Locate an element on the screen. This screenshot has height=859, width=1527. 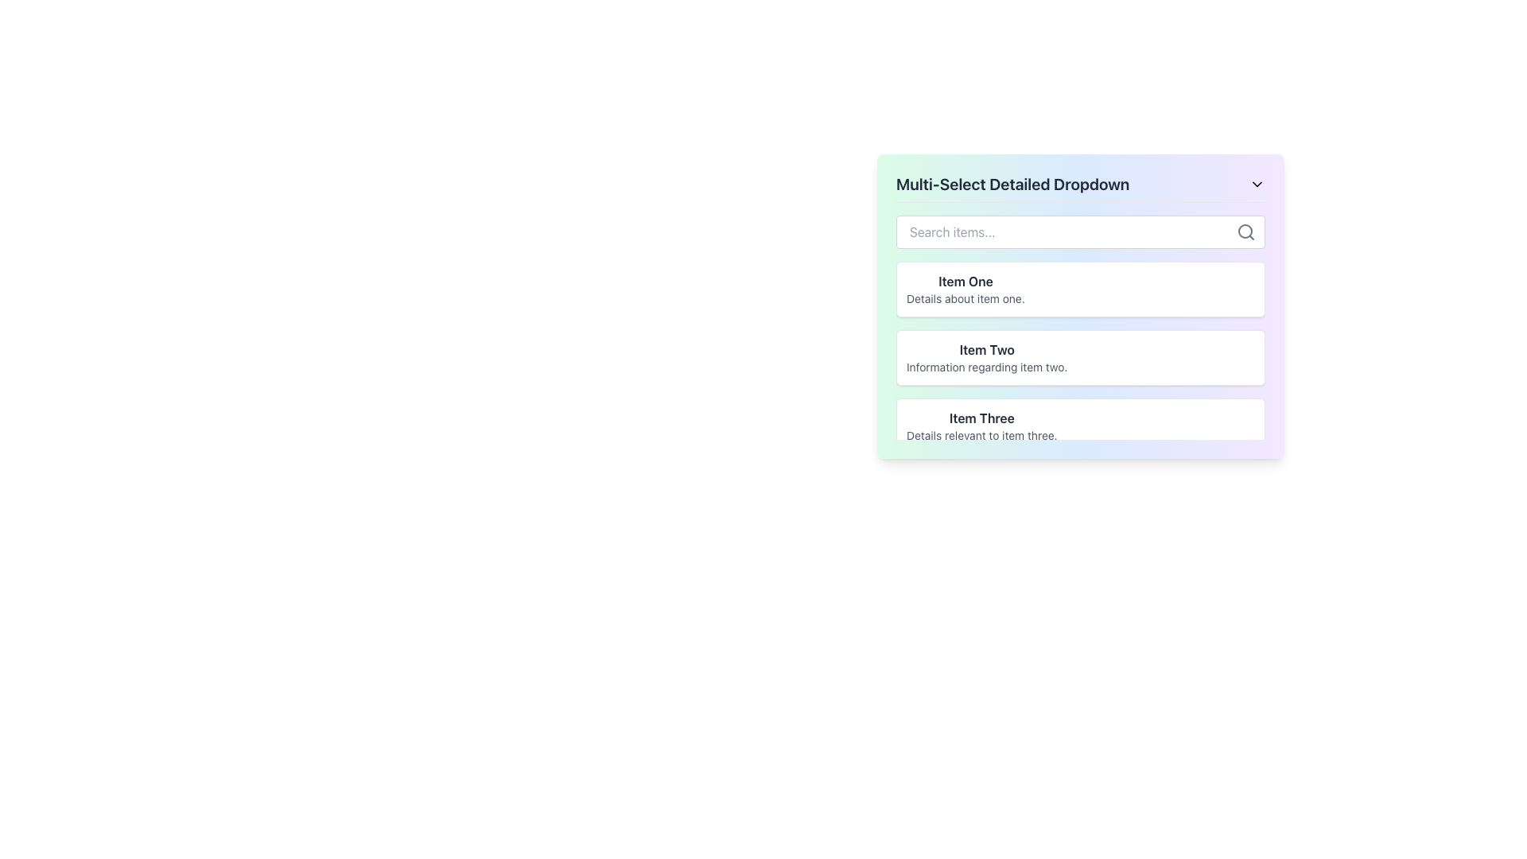
the interactive list item titled 'Item Two' within the dropdown menu, which displays information regarding item two is located at coordinates (1080, 392).